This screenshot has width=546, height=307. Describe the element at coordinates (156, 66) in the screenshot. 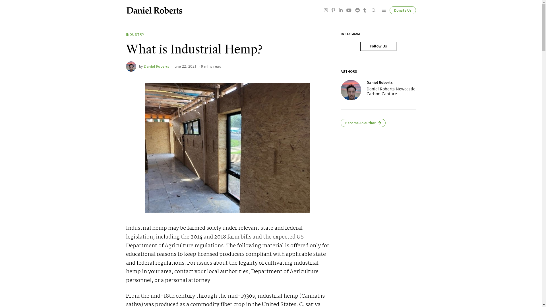

I see `'Daniel Roberts'` at that location.